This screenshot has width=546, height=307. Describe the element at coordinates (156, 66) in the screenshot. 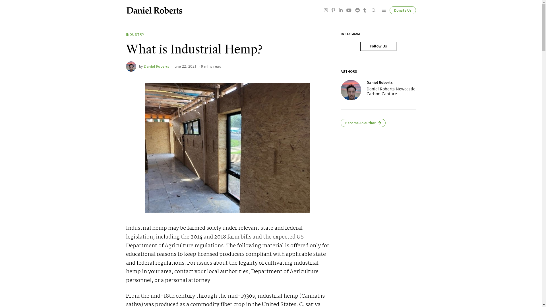

I see `'Daniel Roberts'` at that location.